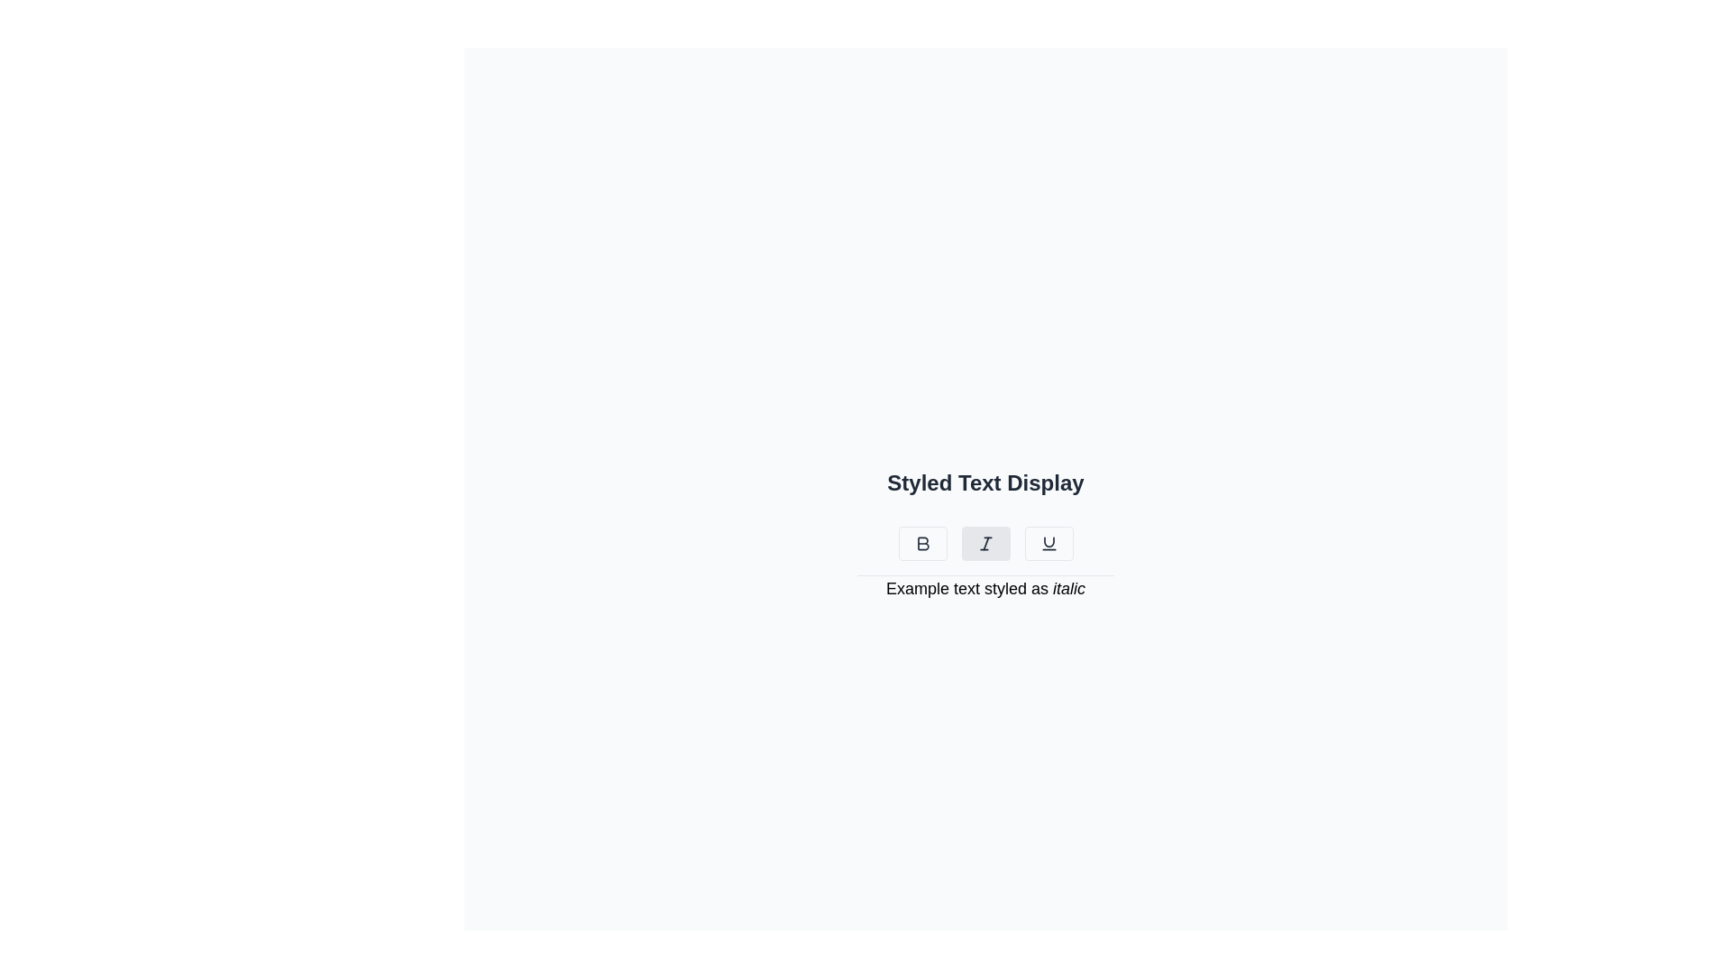  Describe the element at coordinates (1049, 542) in the screenshot. I see `the rounded button with an underline icon, which is the third button from the left in the group below the 'Styled Text Display' heading` at that location.